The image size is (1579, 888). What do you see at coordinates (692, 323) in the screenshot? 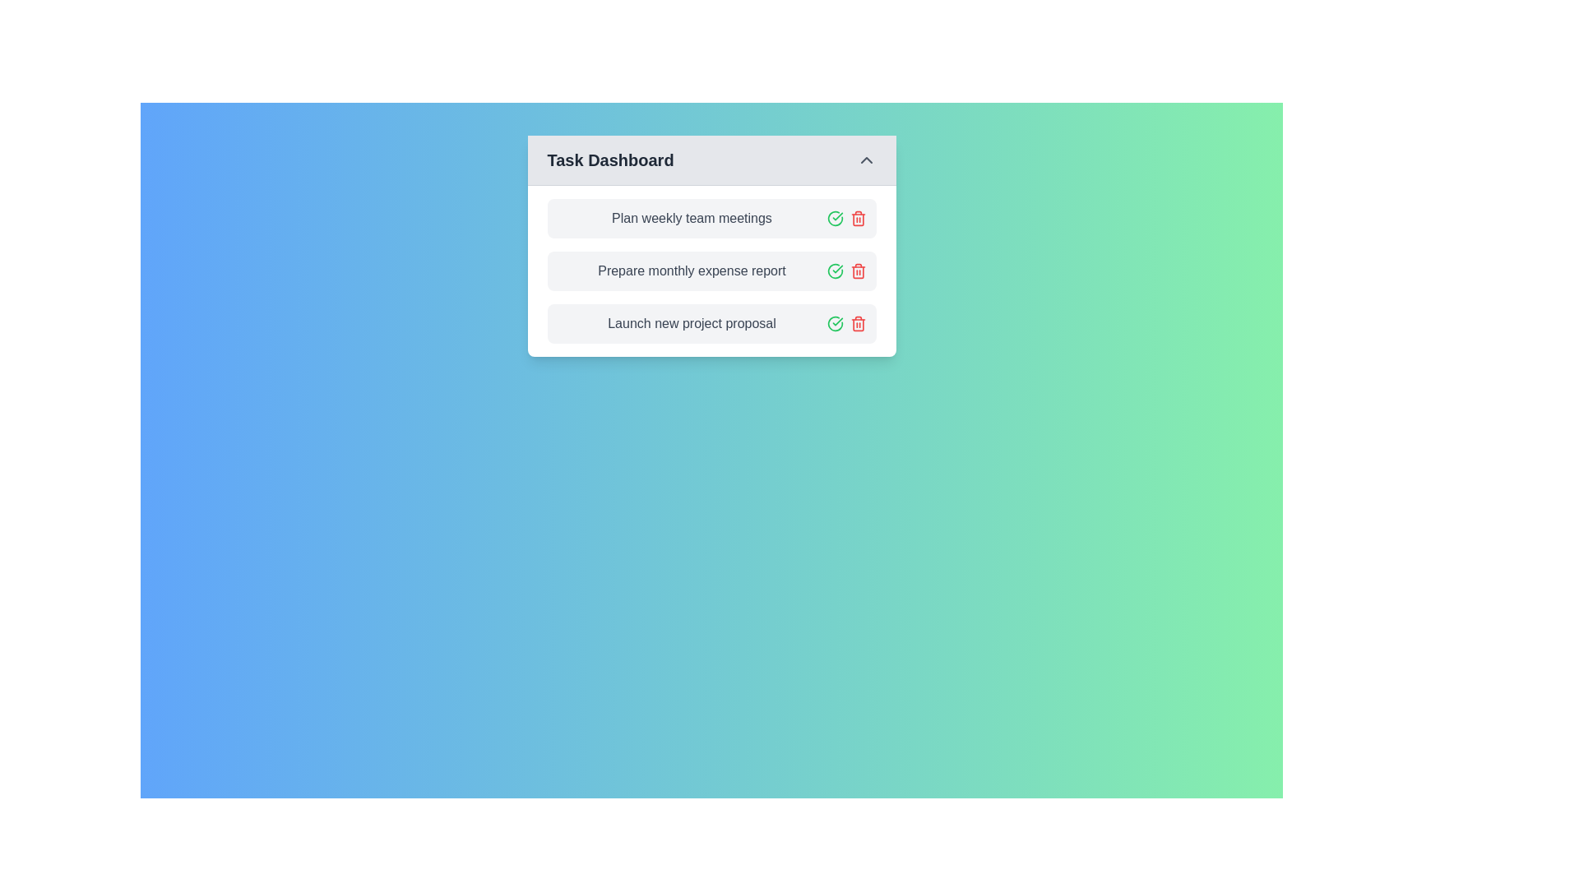
I see `the static text label that serves as the display text for the third task item in the 'Task Dashboard' list, located below the second task item labeled 'Prepare monthly expense report'` at bounding box center [692, 323].